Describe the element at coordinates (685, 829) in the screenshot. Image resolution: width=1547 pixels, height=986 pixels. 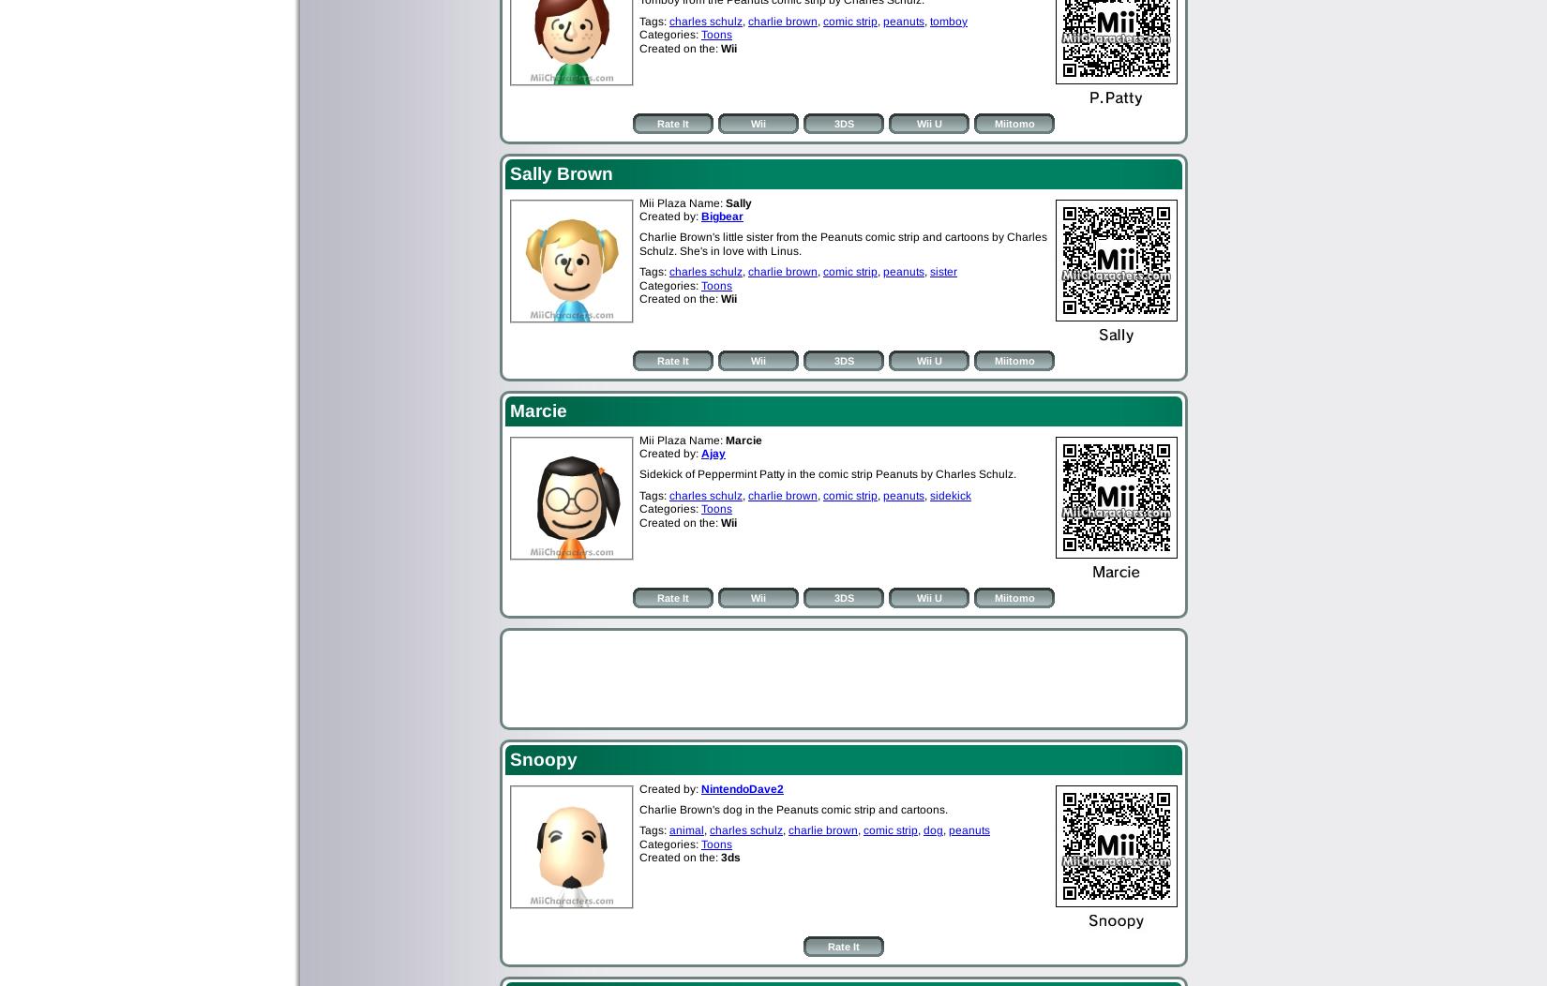
I see `'animal'` at that location.